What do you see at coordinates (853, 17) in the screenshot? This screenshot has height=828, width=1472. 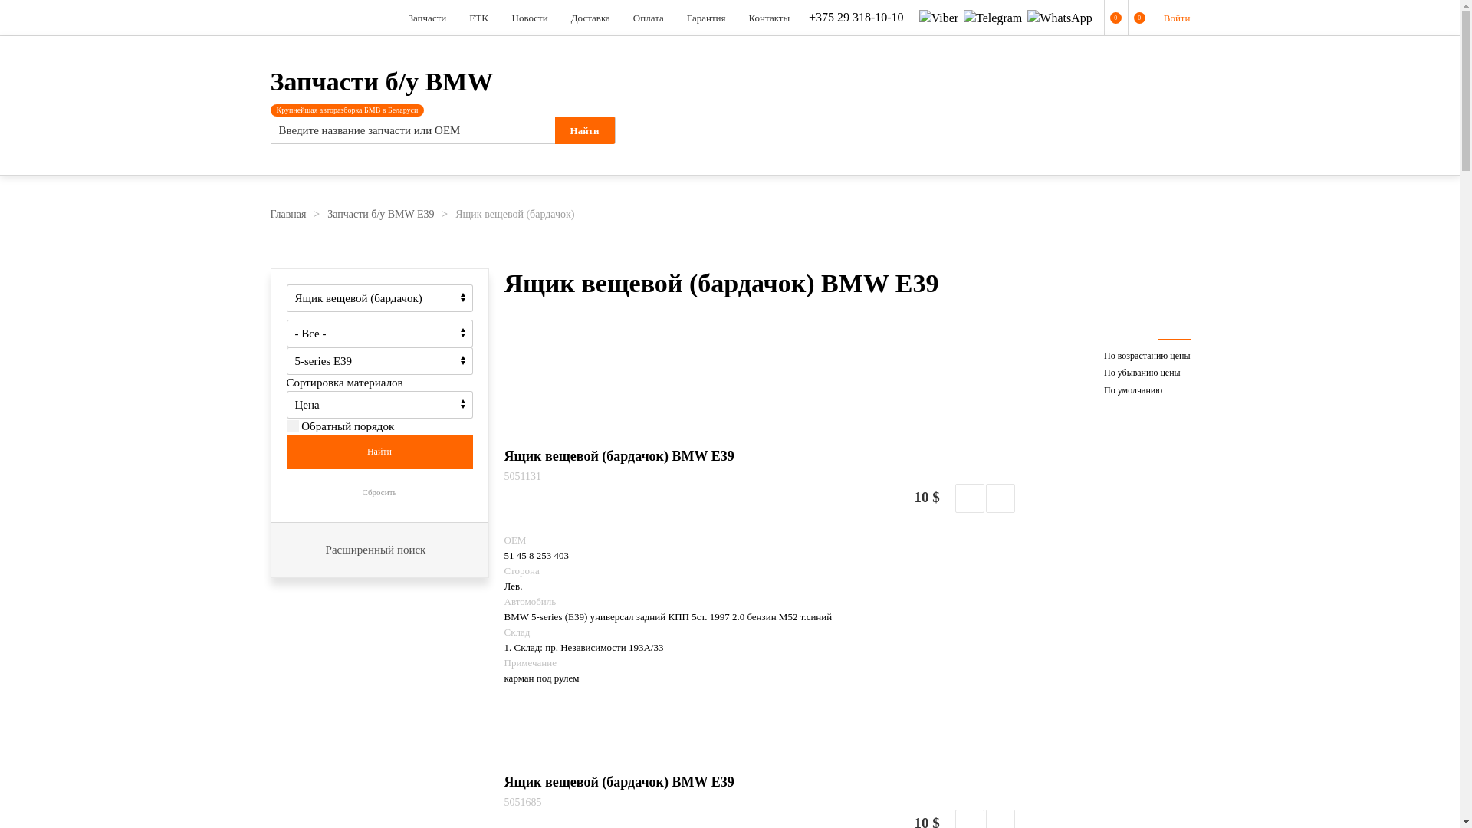 I see `'+375 29 318-10-10'` at bounding box center [853, 17].